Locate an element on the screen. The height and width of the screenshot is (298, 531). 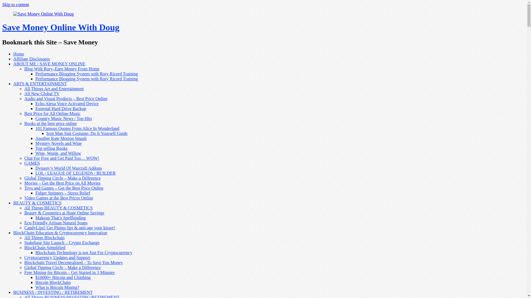
'Video Games at the Best Prices Online' is located at coordinates (59, 198).